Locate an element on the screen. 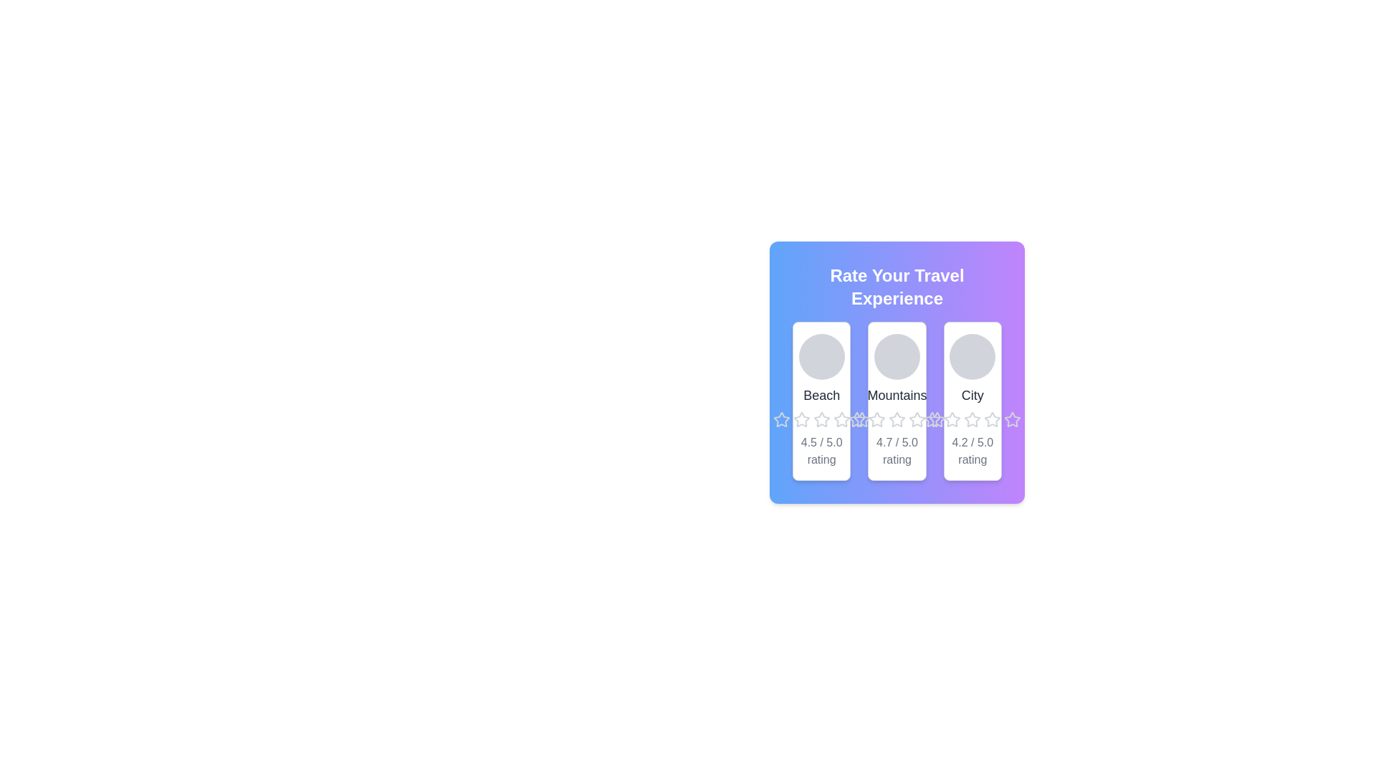 Image resolution: width=1376 pixels, height=774 pixels. the third interactive rating star located below the 'City' label in the third column to provide visual feedback is located at coordinates (973, 419).